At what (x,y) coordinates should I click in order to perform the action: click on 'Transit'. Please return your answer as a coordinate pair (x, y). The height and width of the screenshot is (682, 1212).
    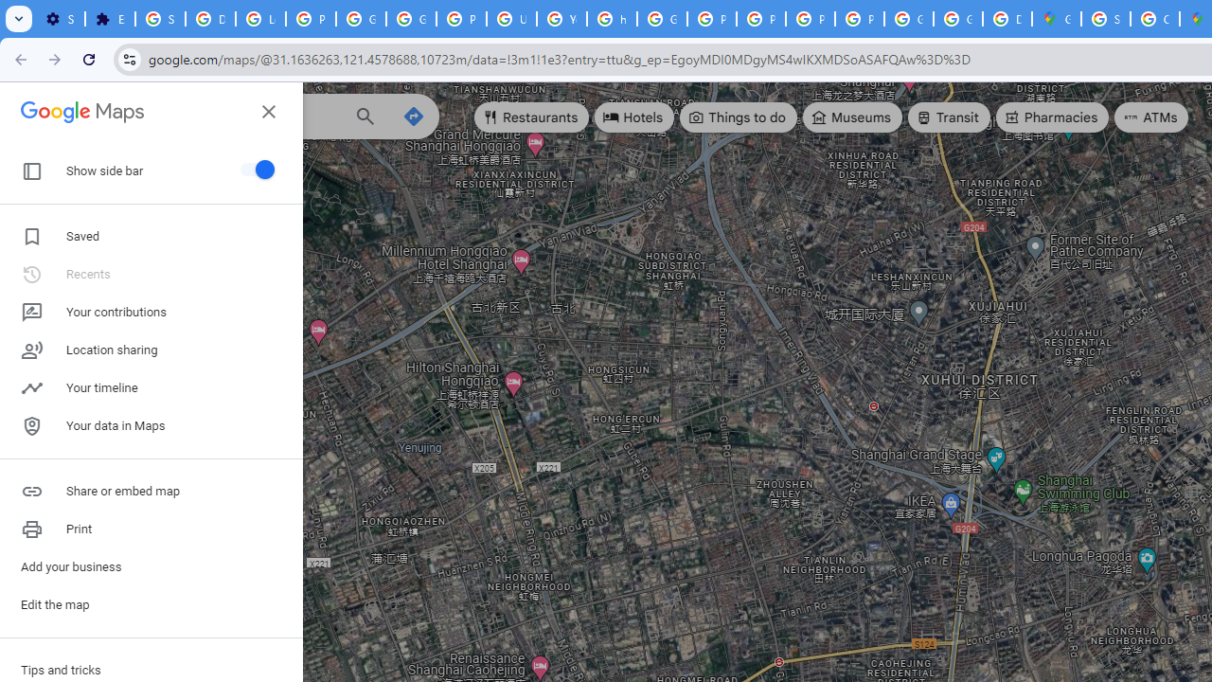
    Looking at the image, I should click on (948, 117).